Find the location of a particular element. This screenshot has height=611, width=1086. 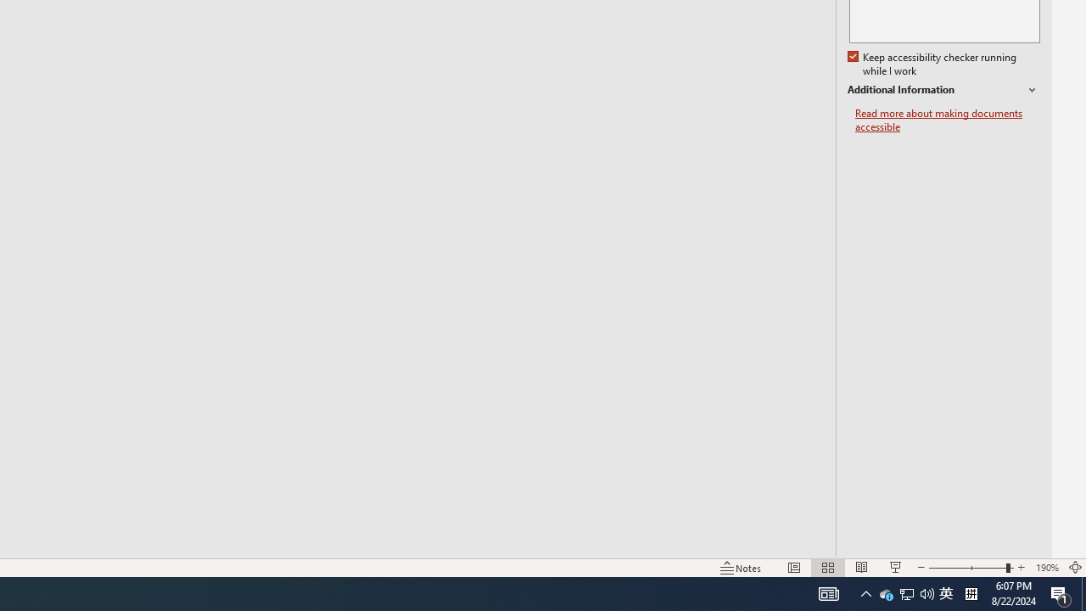

'Keep accessibility checker running while I work' is located at coordinates (932, 64).